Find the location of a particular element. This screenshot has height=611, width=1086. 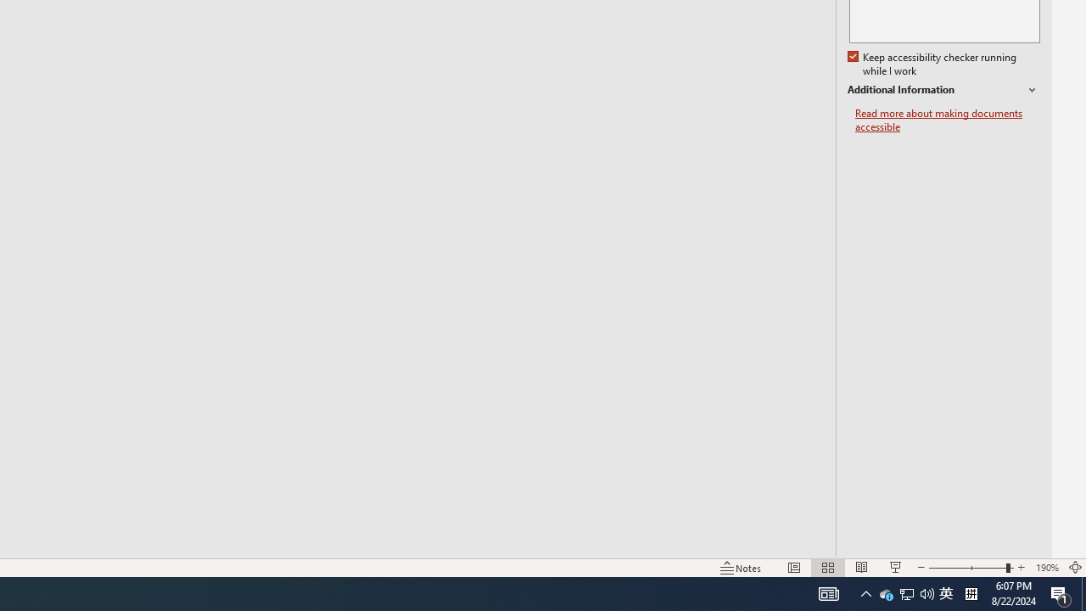

'Keep accessibility checker running while I work' is located at coordinates (932, 64).